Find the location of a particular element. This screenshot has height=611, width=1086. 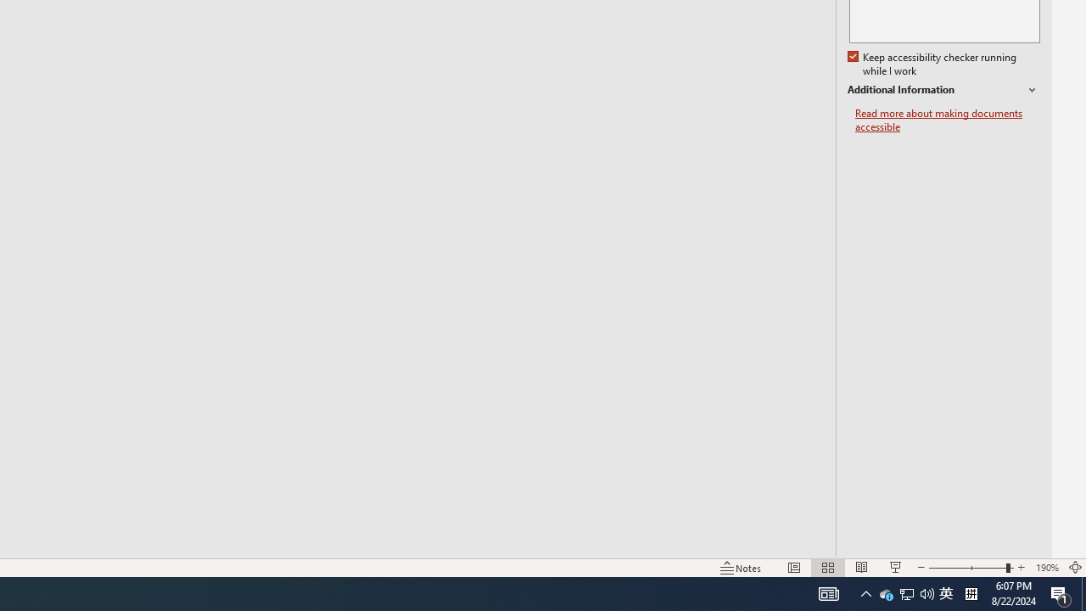

'Keep accessibility checker running while I work' is located at coordinates (932, 64).